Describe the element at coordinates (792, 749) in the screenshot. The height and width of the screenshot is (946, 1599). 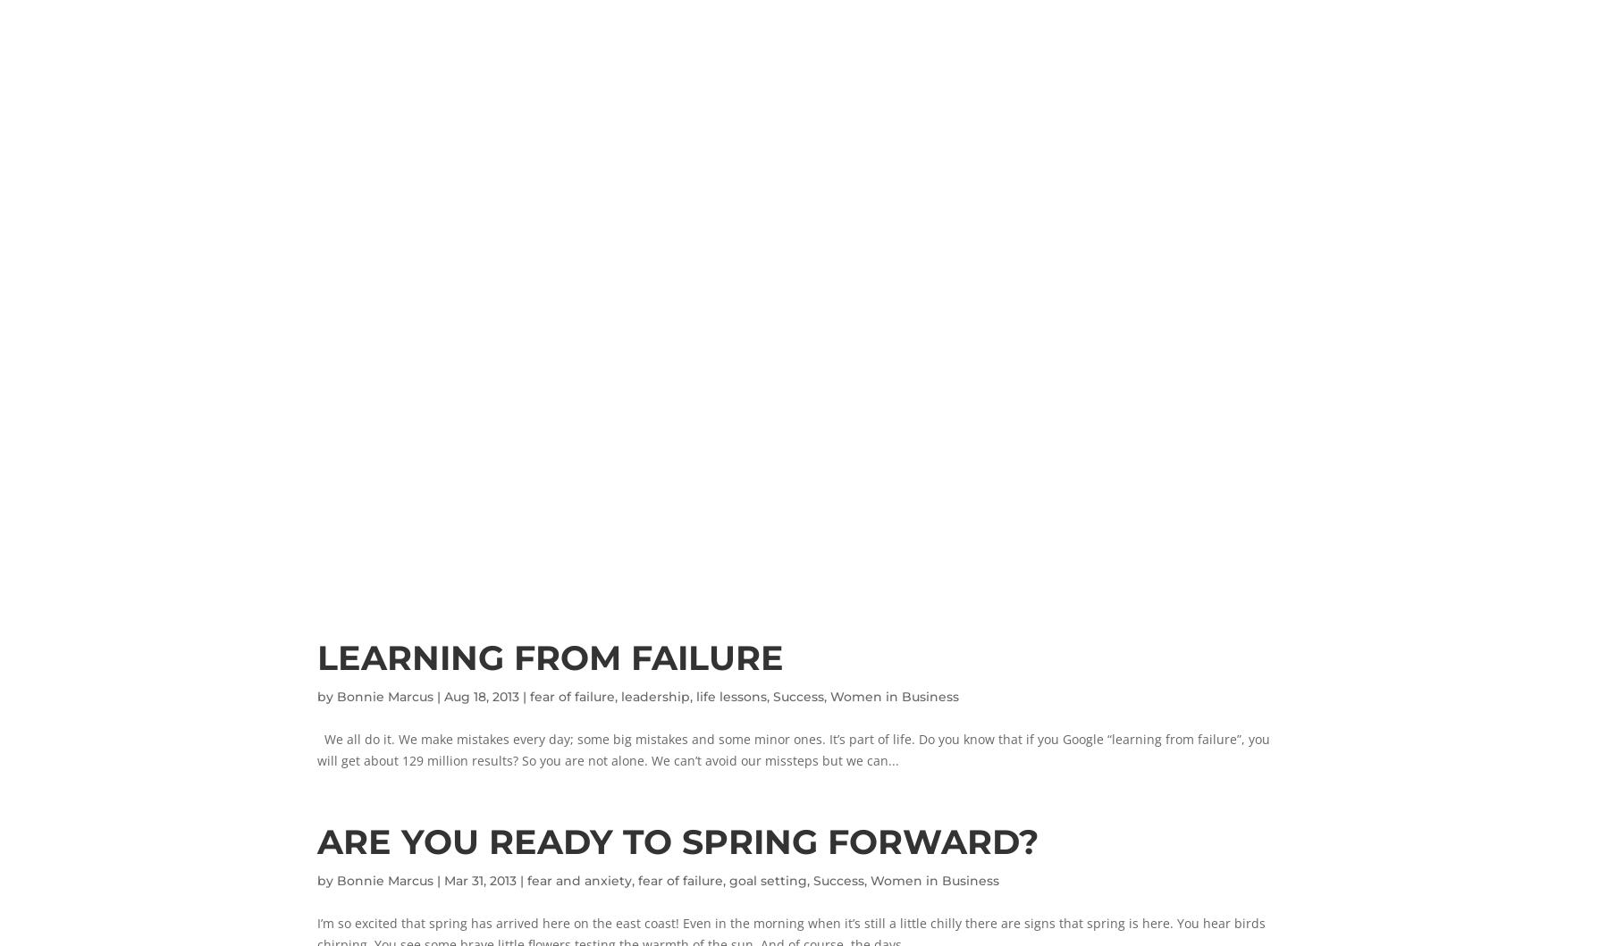
I see `'We all do it. We make mistakes every day; some big mistakes and some minor ones. It’s part of life. Do you know that if you Google “learning from failure”, you will get about 129 million results? So you are not alone. We can’t avoid our missteps but we can...'` at that location.